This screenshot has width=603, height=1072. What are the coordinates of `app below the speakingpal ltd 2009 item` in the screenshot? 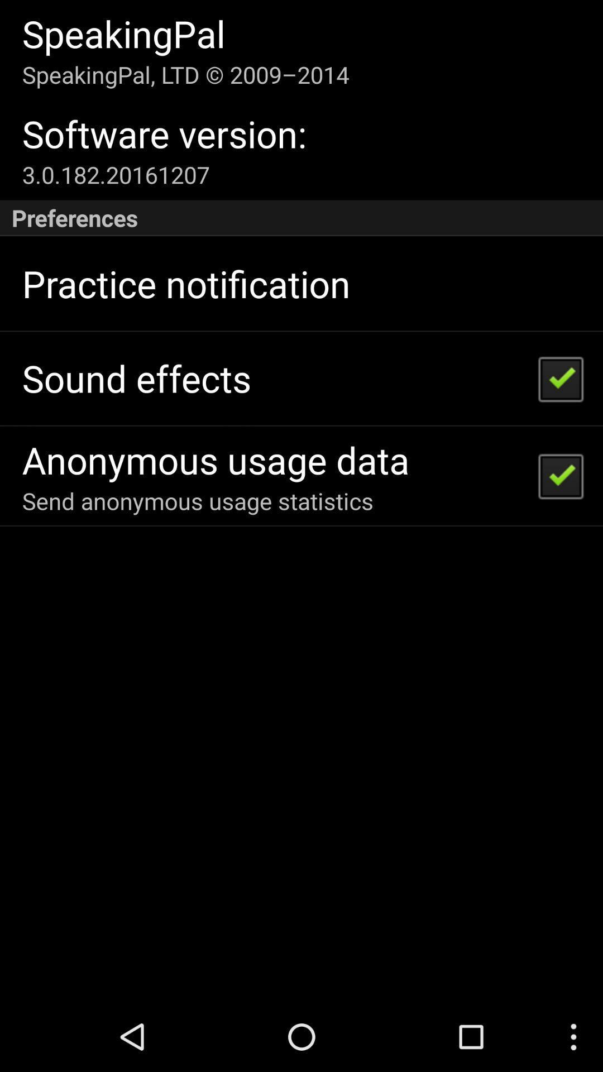 It's located at (164, 133).